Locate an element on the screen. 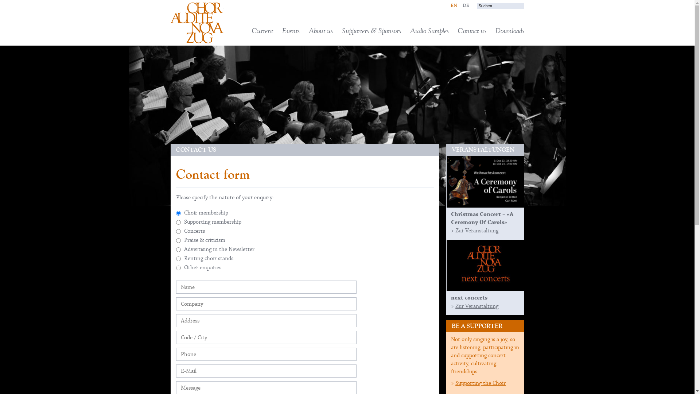  'Chor Audite Nova' is located at coordinates (170, 22).